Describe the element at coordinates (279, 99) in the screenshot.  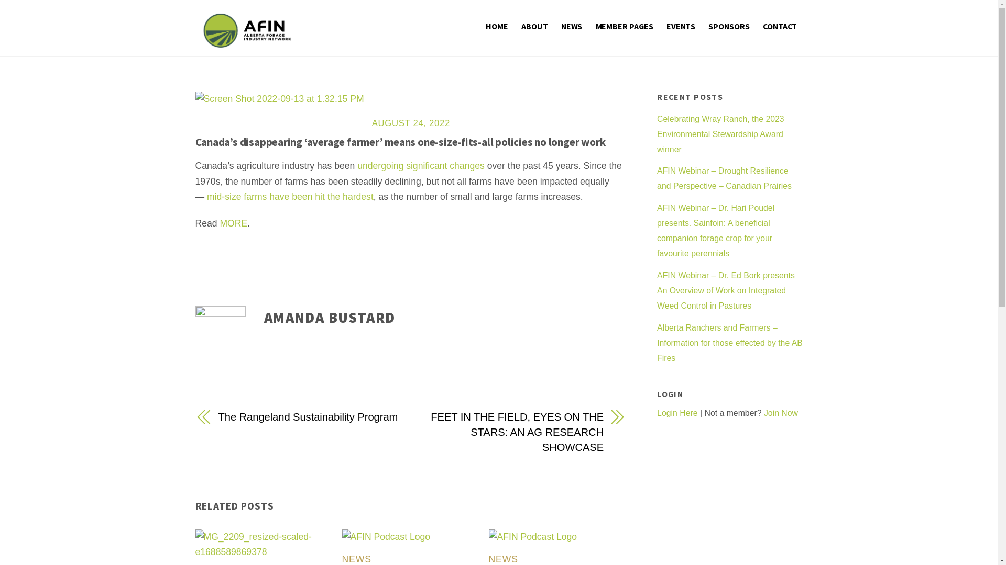
I see `'Screen Shot 2022-09-13 at 1.32.15 PM'` at that location.